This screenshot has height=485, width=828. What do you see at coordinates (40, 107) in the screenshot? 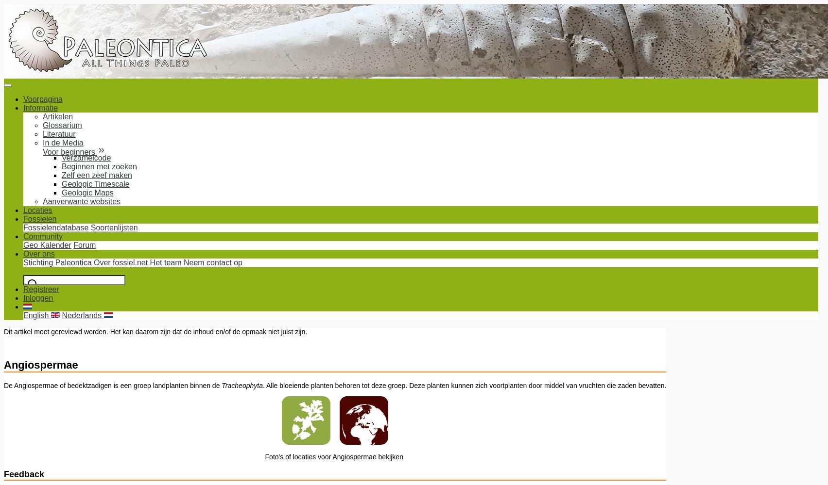
I see `'Informatie'` at bounding box center [40, 107].